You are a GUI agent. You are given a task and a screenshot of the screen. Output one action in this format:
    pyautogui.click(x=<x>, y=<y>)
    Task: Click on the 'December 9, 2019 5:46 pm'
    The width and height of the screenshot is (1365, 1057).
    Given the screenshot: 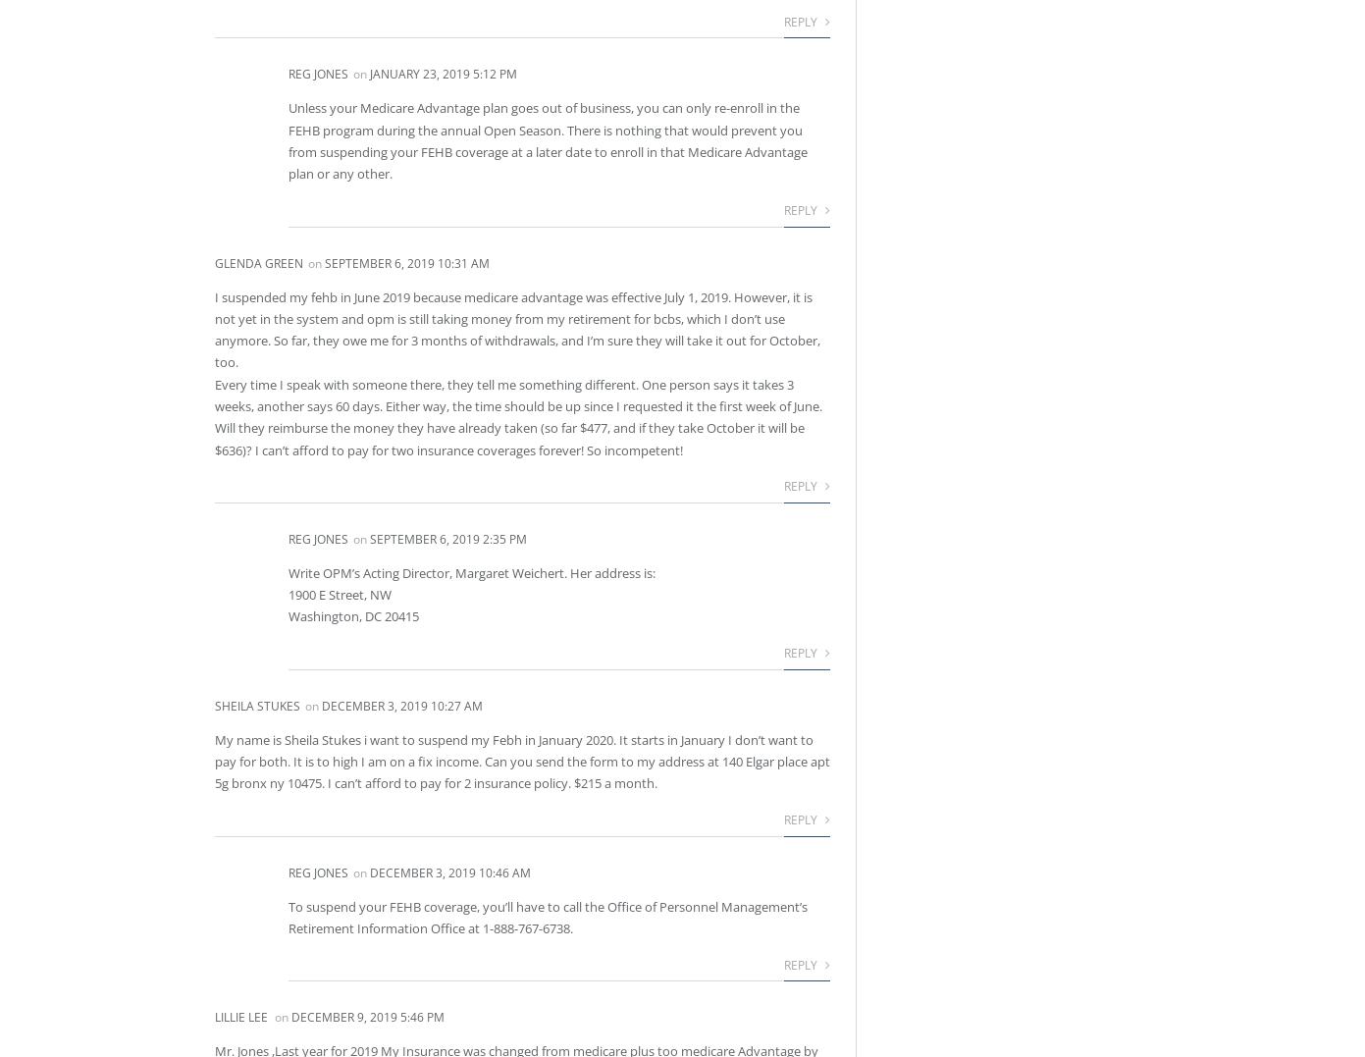 What is the action you would take?
    pyautogui.click(x=289, y=1016)
    